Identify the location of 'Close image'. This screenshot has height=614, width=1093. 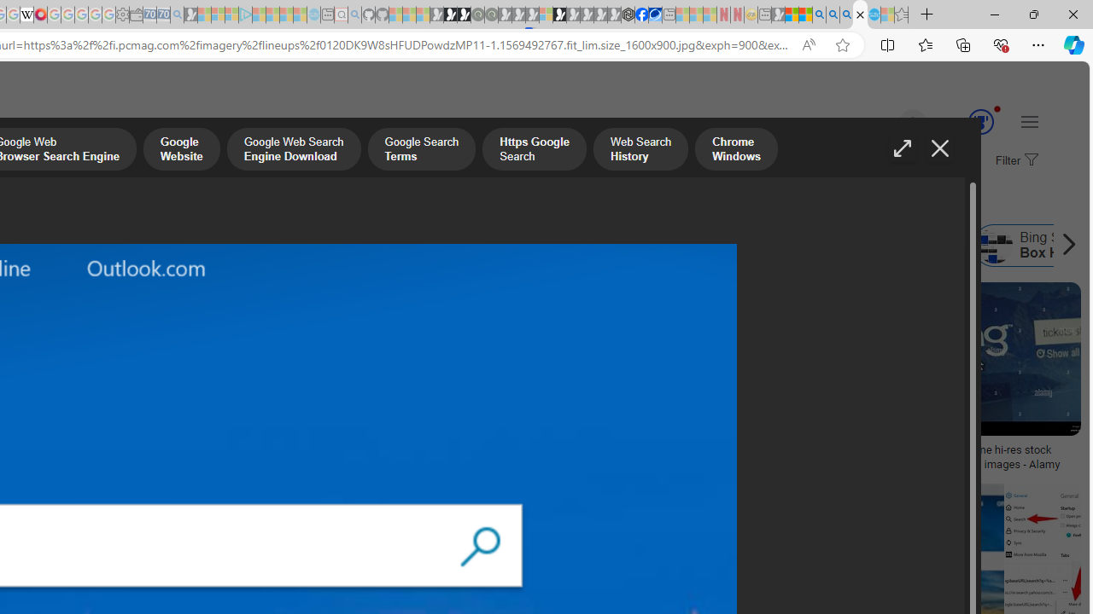
(938, 148).